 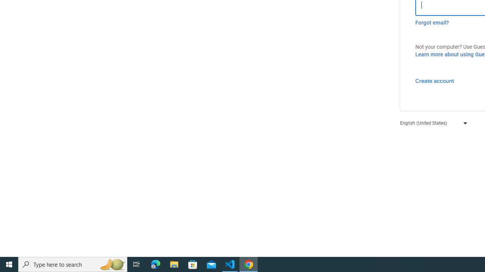 I want to click on 'Create account', so click(x=434, y=80).